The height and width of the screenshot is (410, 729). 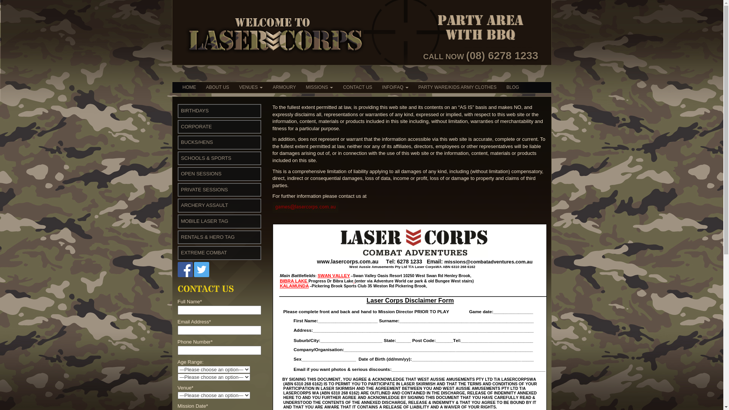 I want to click on 'CONTACT US', so click(x=357, y=87).